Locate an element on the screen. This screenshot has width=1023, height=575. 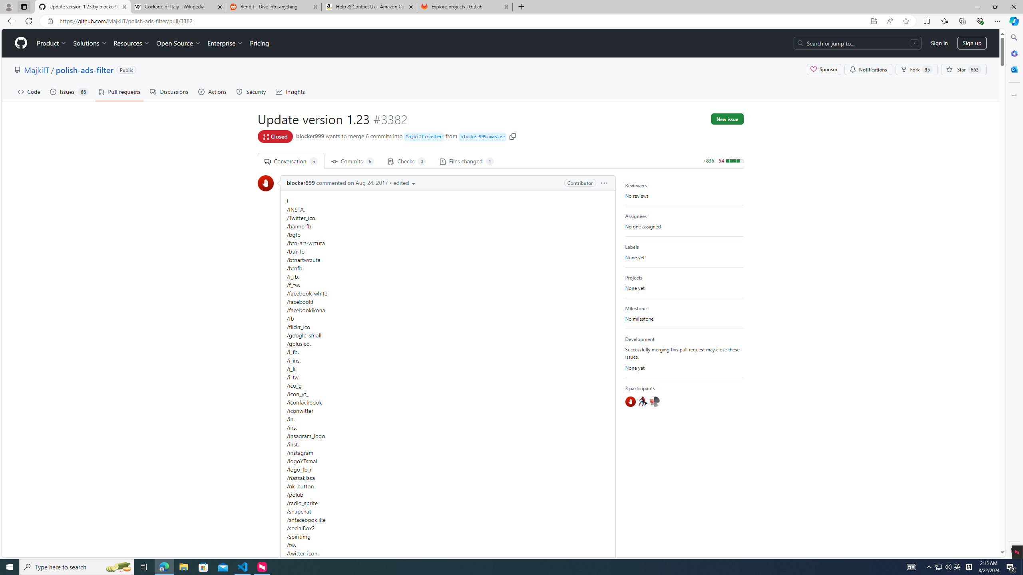
'MajkiIT' is located at coordinates (36, 69).